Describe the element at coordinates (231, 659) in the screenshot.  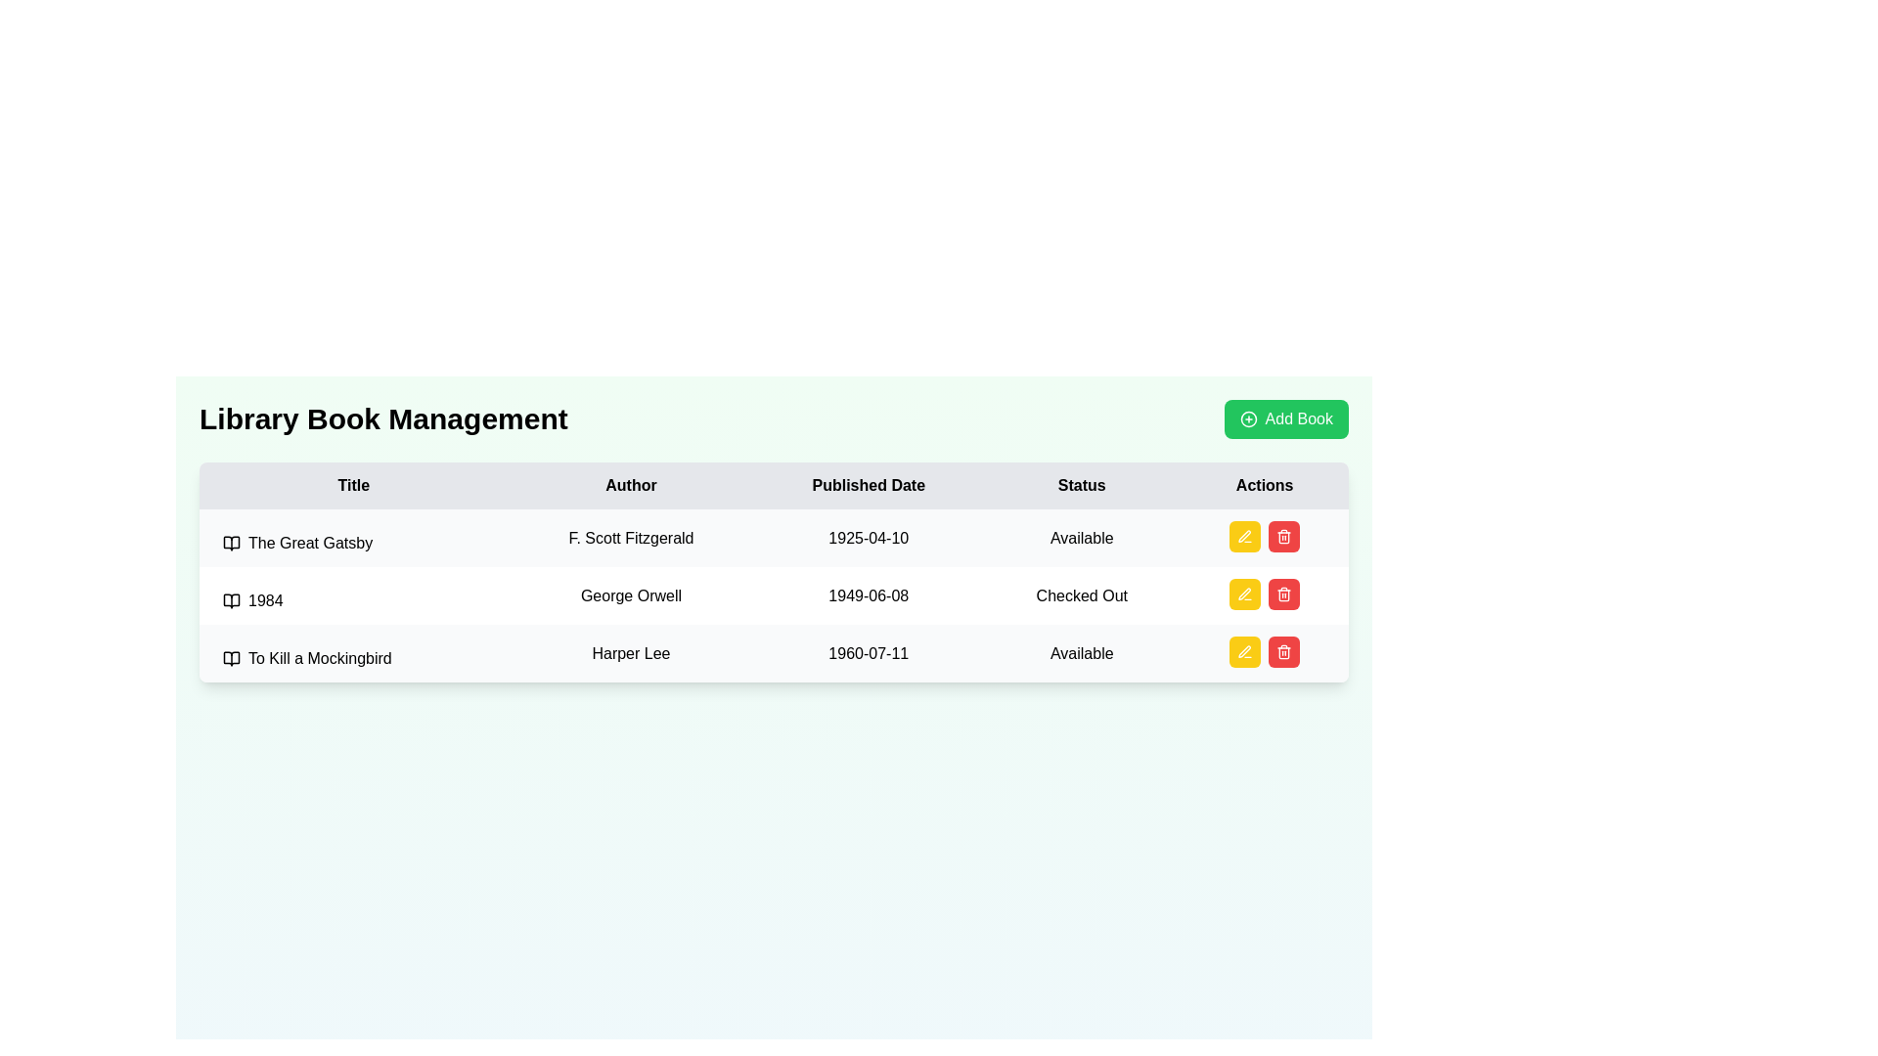
I see `the icon located at the leftmost side of the third row under the 'Title' column, which is adjacent to the text 'To Kill a Mockingbird'` at that location.